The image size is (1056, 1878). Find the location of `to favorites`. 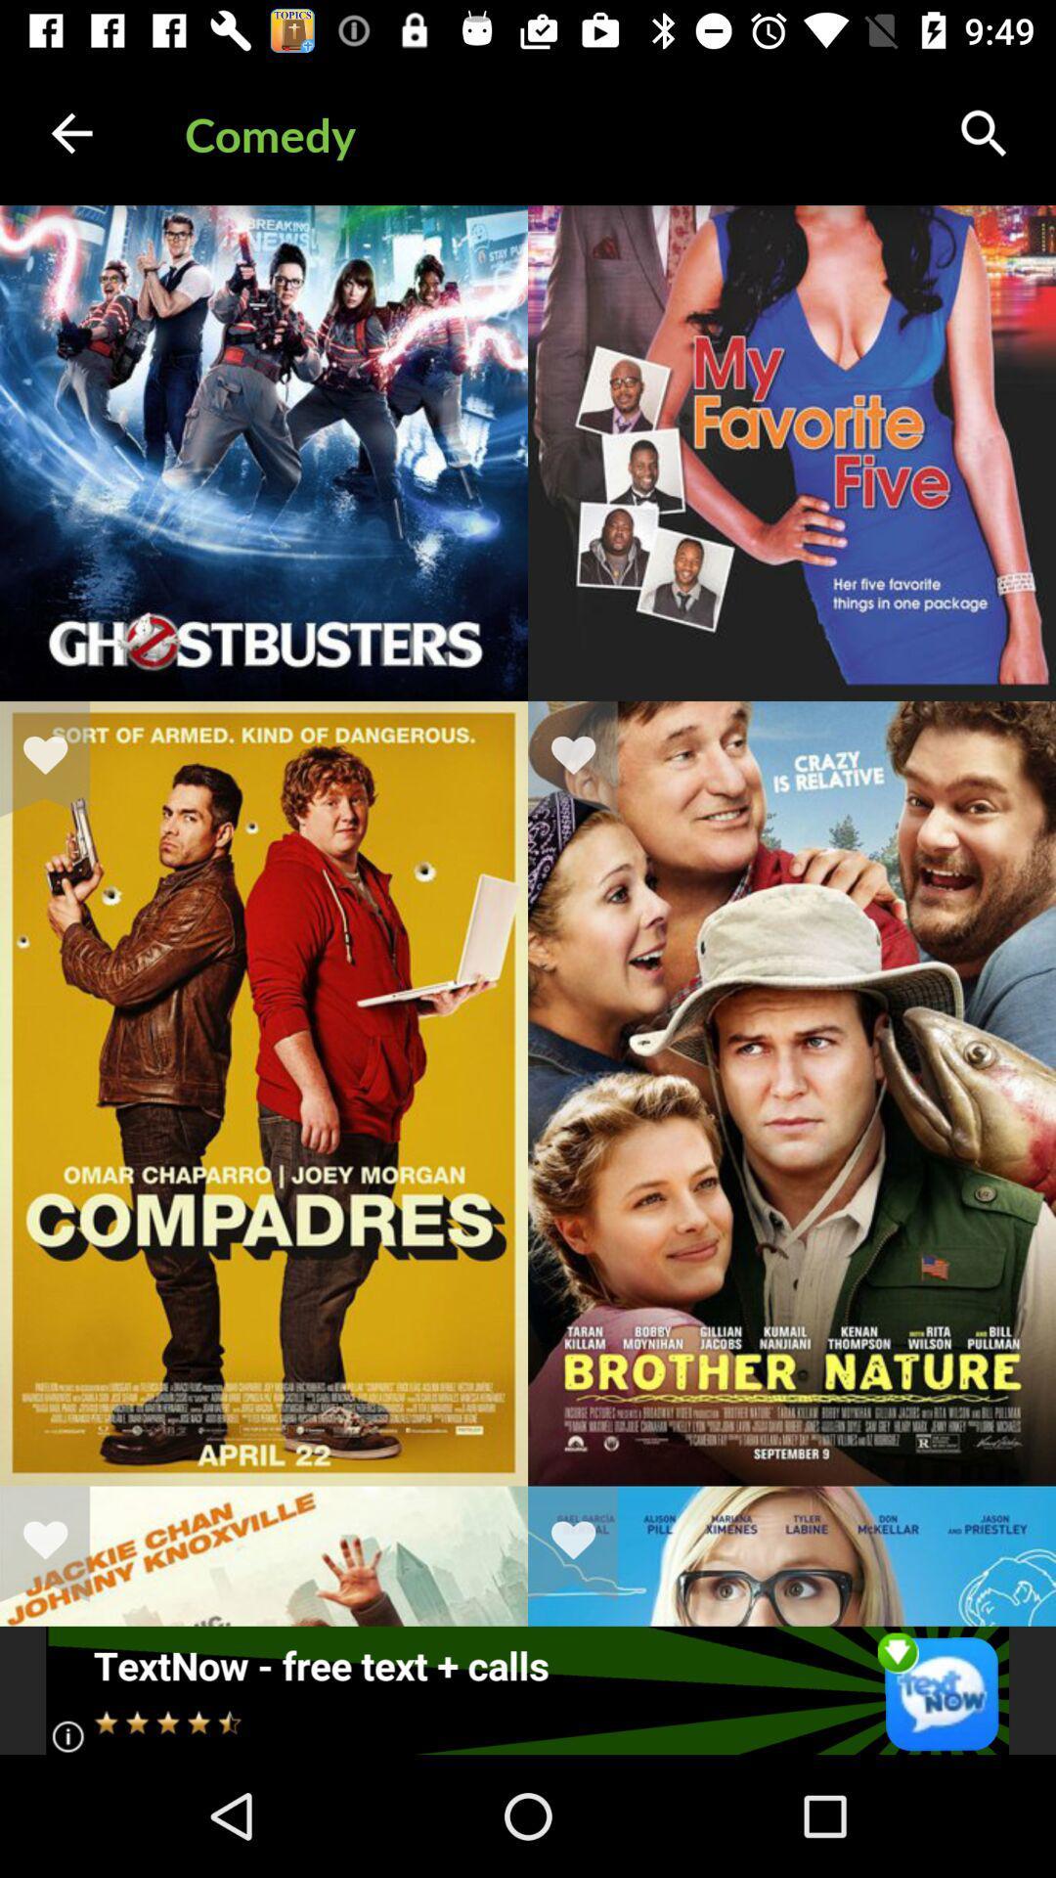

to favorites is located at coordinates (57, 1543).